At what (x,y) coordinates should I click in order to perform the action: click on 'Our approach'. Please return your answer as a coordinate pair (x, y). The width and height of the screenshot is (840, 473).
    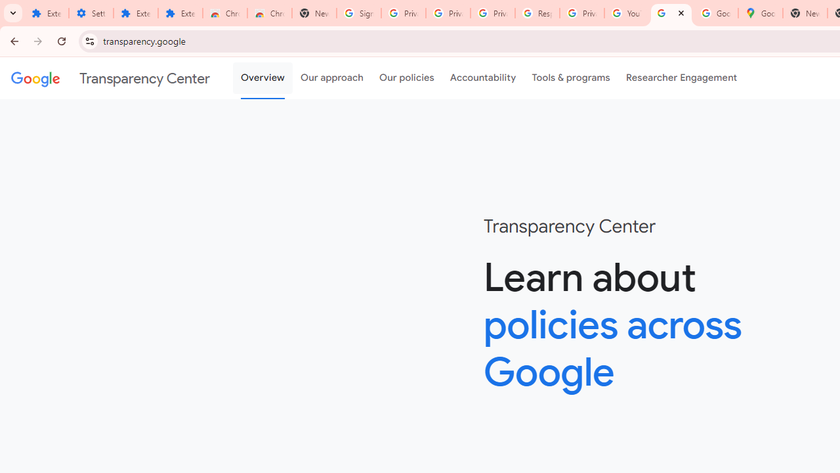
    Looking at the image, I should click on (332, 78).